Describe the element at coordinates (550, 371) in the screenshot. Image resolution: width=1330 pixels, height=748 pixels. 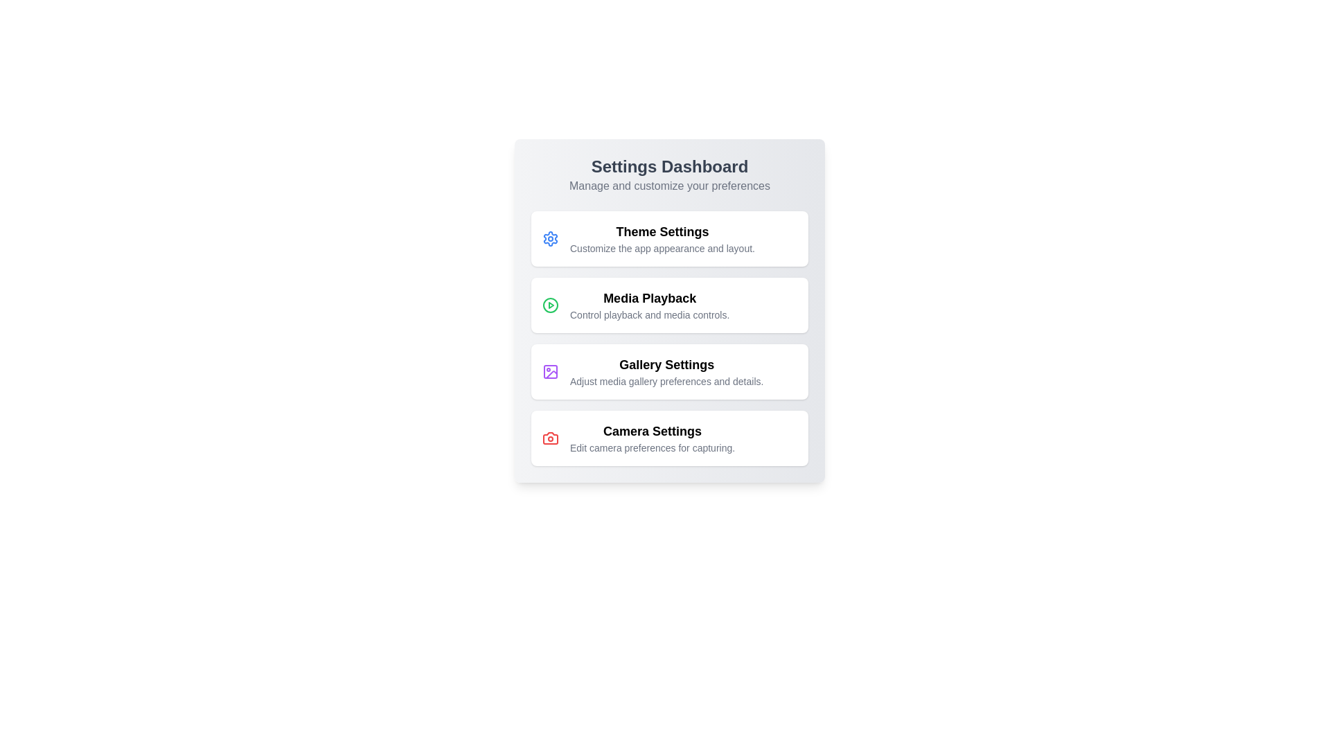
I see `the static icon representing the 'Gallery Settings' feature located at the leftmost part of the card labeled 'Gallery Settings'` at that location.